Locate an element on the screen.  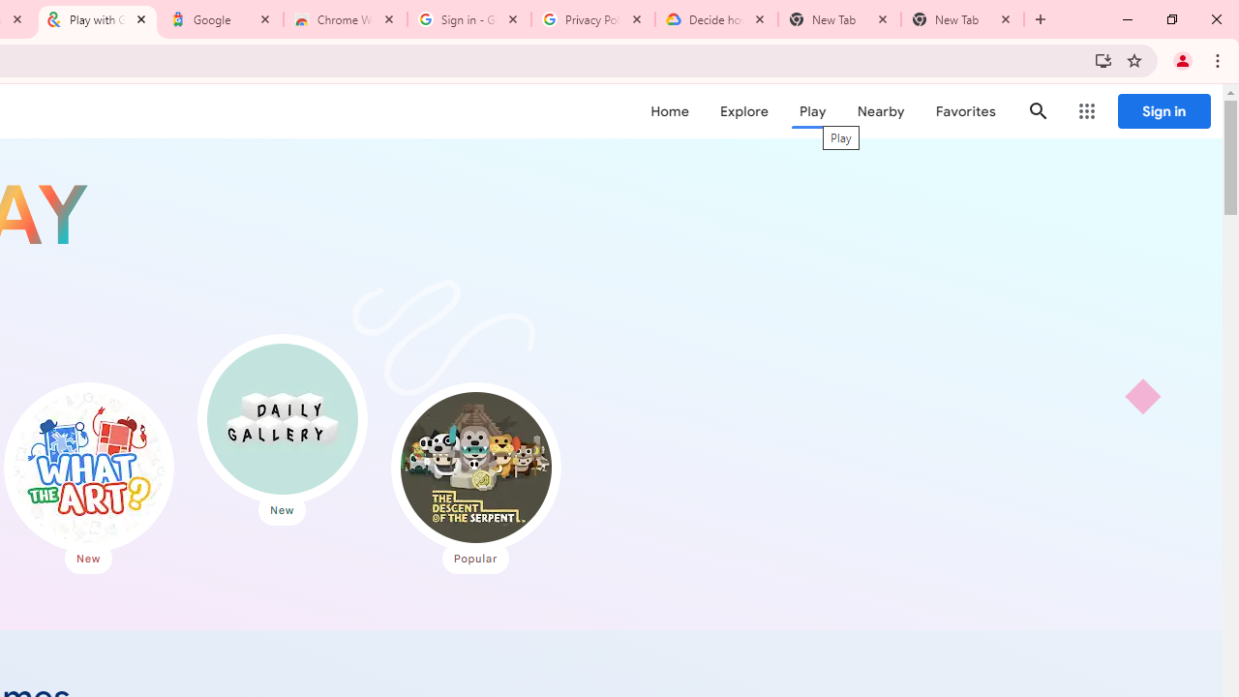
'Nearby' is located at coordinates (880, 111).